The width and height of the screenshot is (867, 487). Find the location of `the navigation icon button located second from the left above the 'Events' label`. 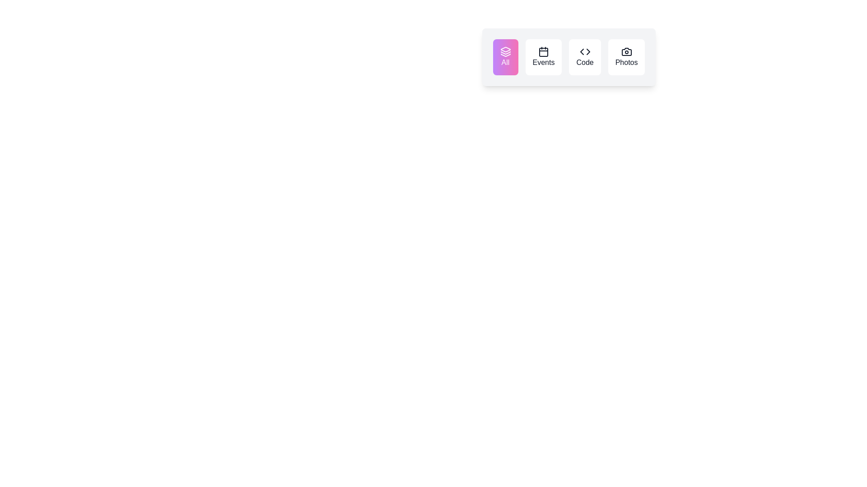

the navigation icon button located second from the left above the 'Events' label is located at coordinates (543, 52).